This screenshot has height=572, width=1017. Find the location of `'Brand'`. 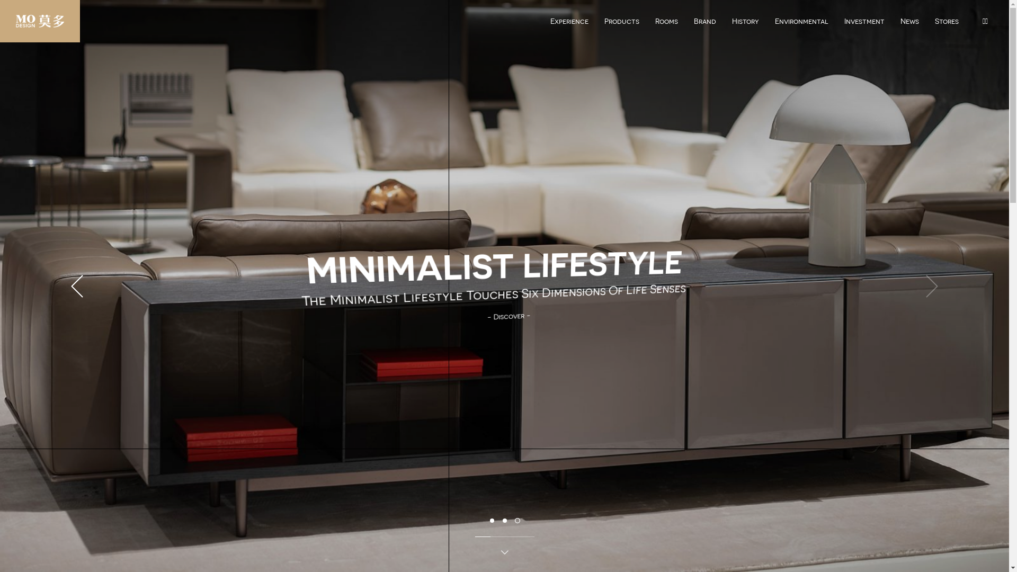

'Brand' is located at coordinates (704, 17).